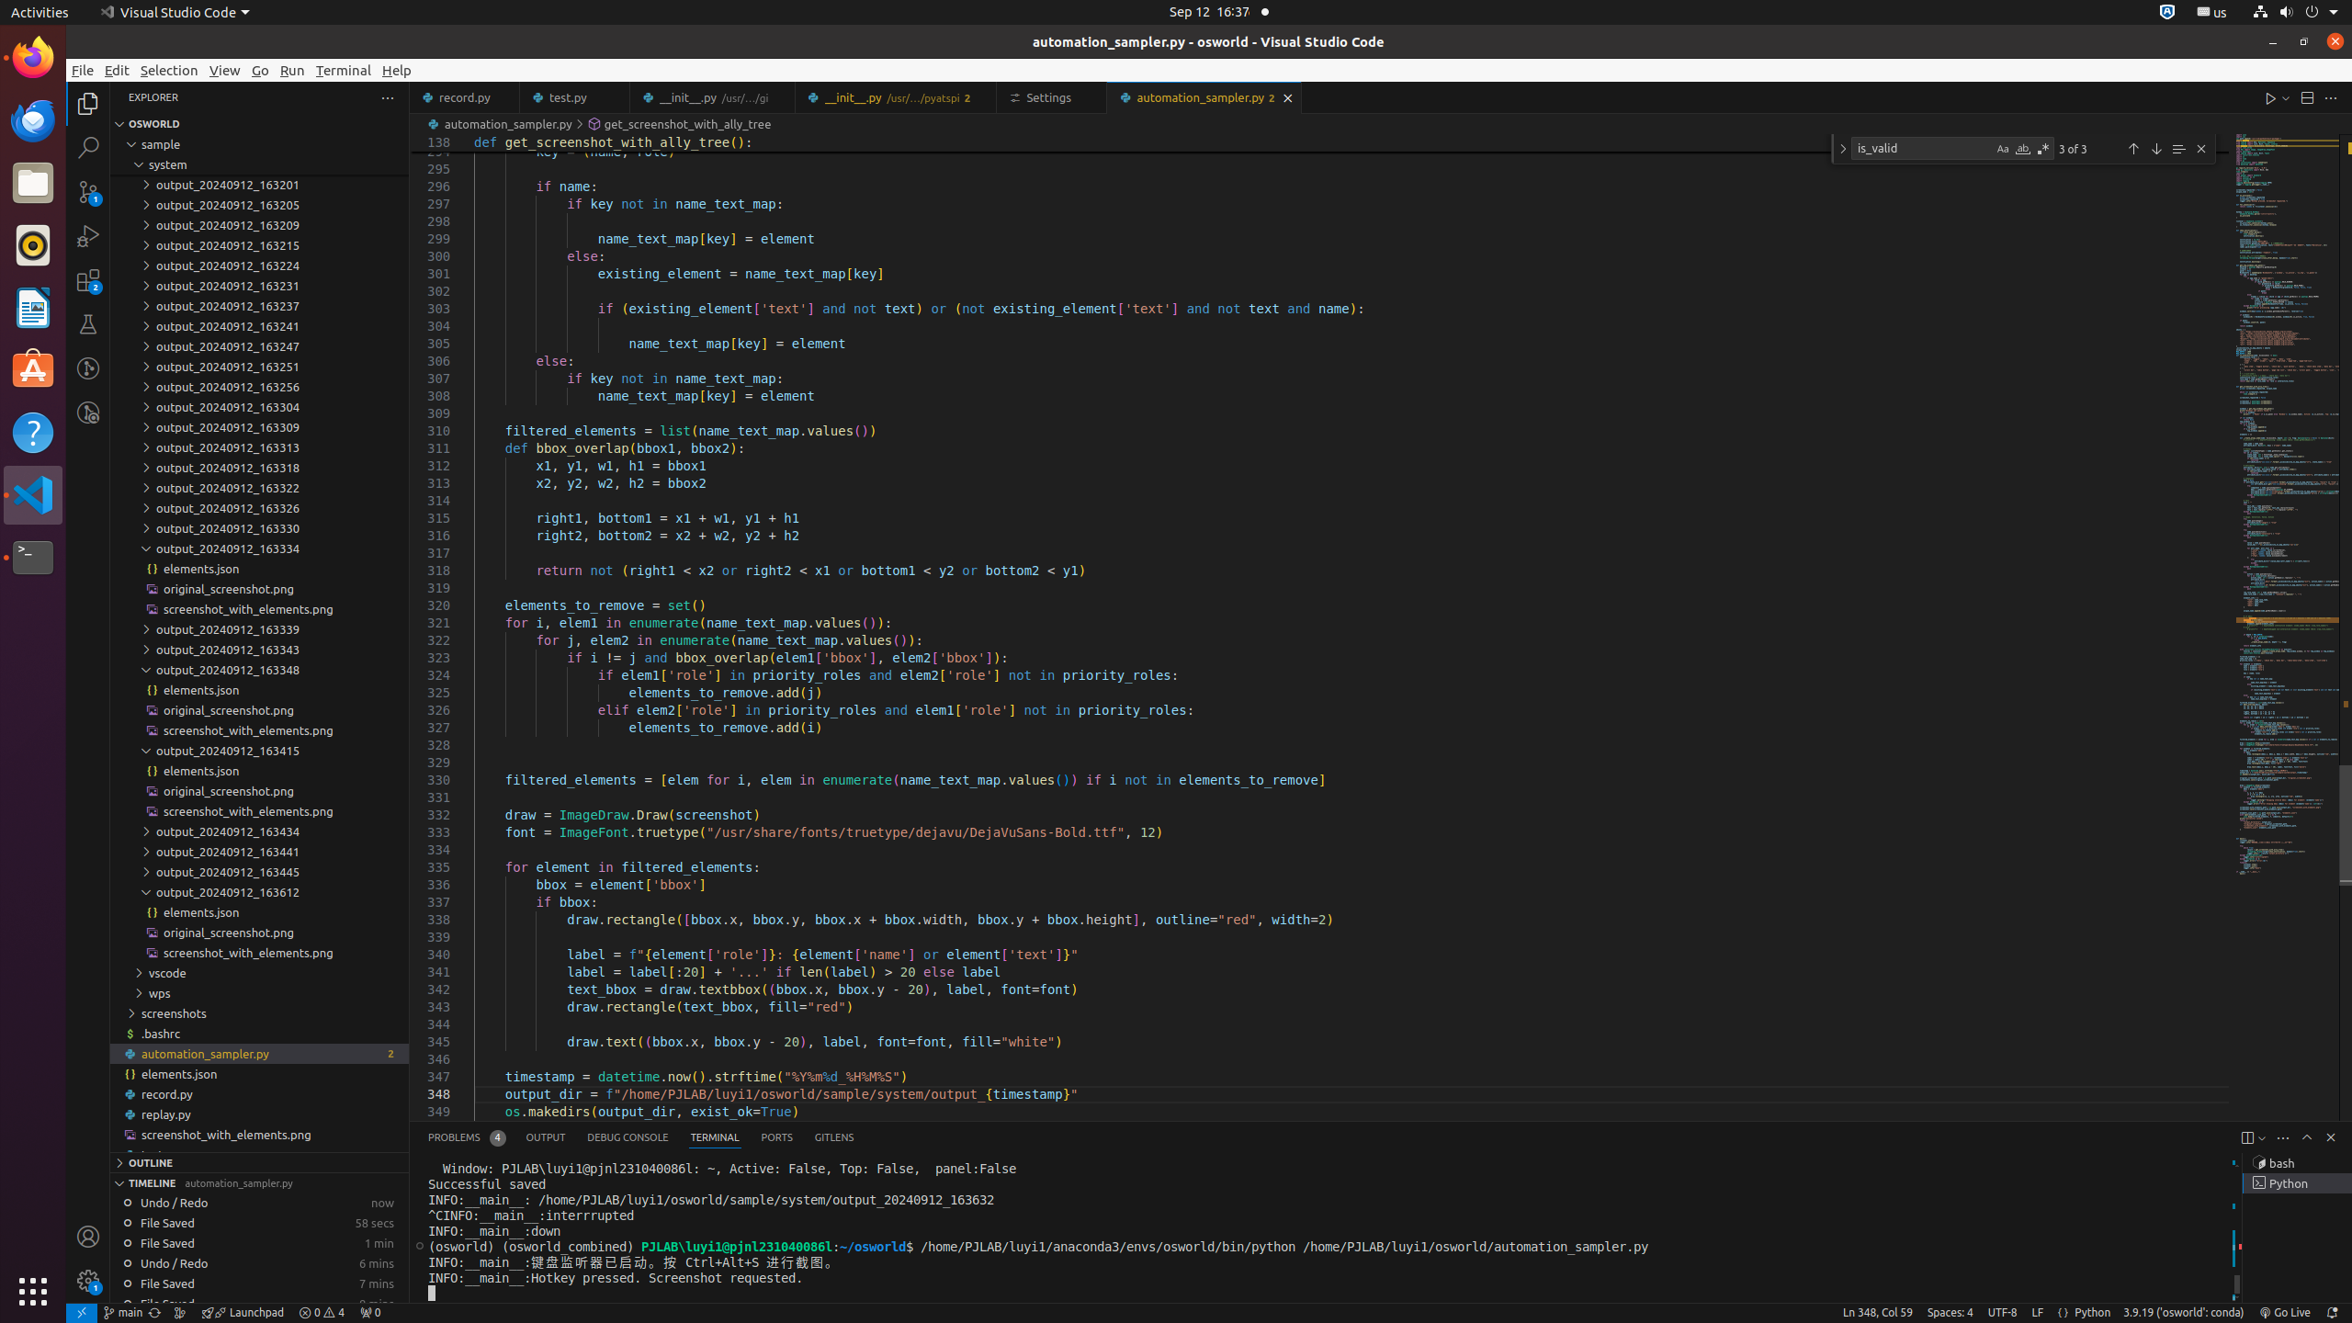  Describe the element at coordinates (258, 1302) in the screenshot. I see `'8 minutes: File Saved'` at that location.